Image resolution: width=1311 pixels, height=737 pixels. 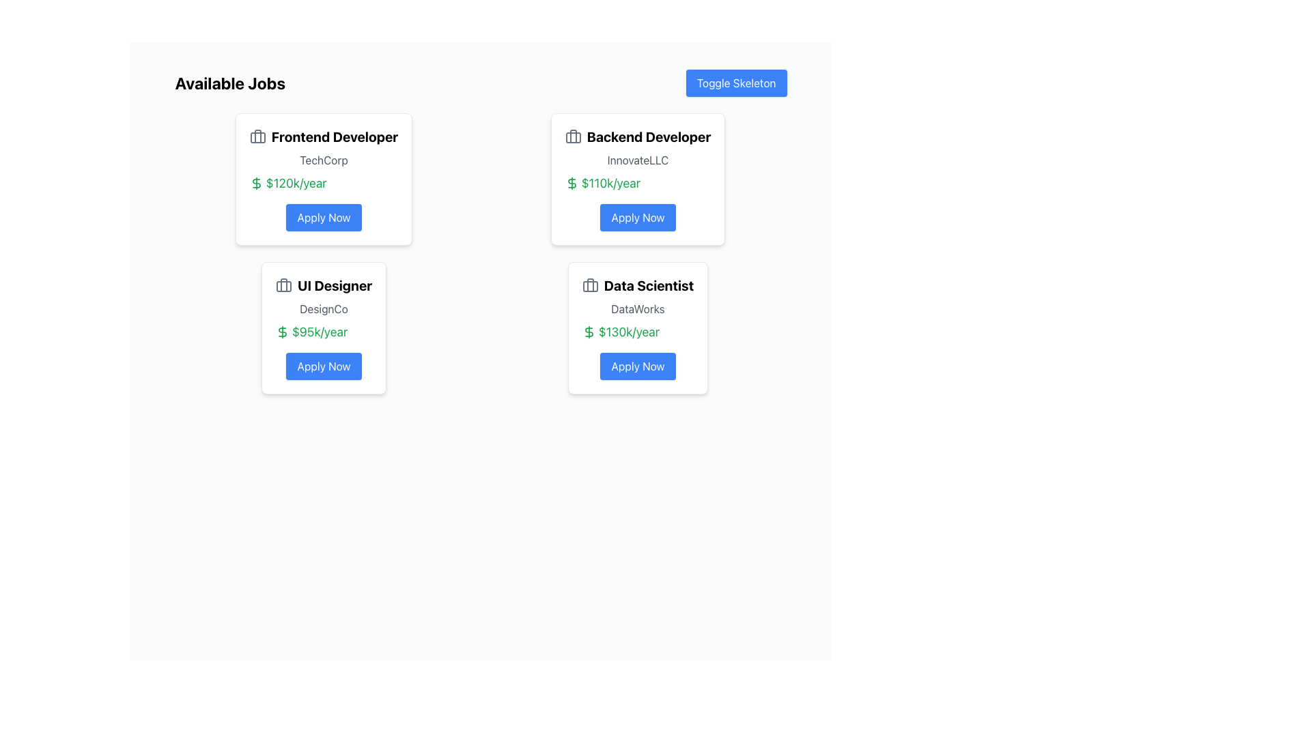 What do you see at coordinates (572, 183) in the screenshot?
I see `the green dollar sign icon located to the left of the salary text '$110k/year' in the 'Backend Developer' card` at bounding box center [572, 183].